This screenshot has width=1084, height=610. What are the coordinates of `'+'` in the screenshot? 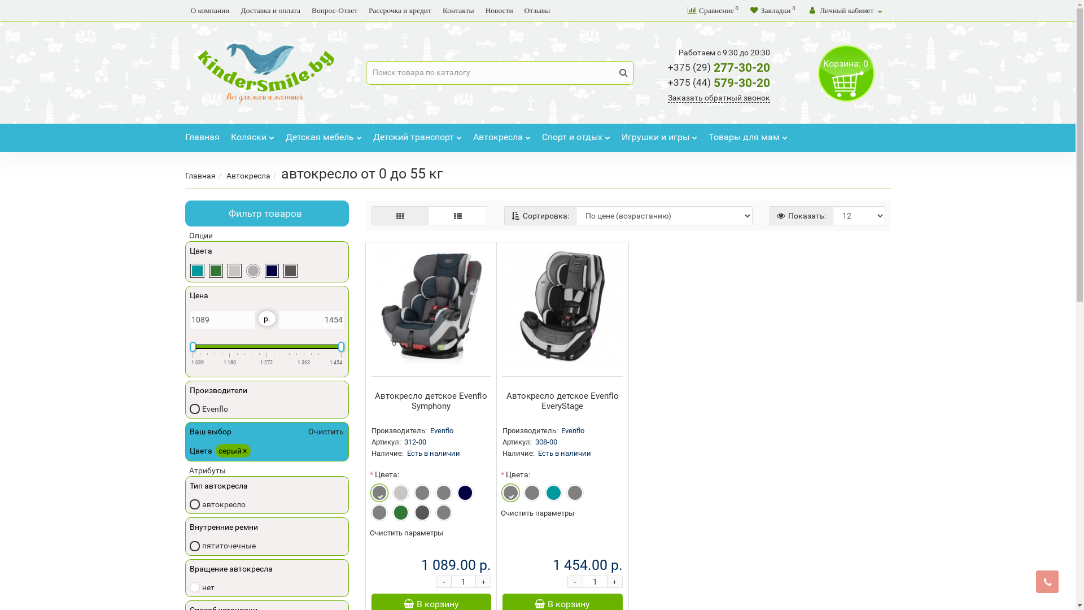 It's located at (483, 581).